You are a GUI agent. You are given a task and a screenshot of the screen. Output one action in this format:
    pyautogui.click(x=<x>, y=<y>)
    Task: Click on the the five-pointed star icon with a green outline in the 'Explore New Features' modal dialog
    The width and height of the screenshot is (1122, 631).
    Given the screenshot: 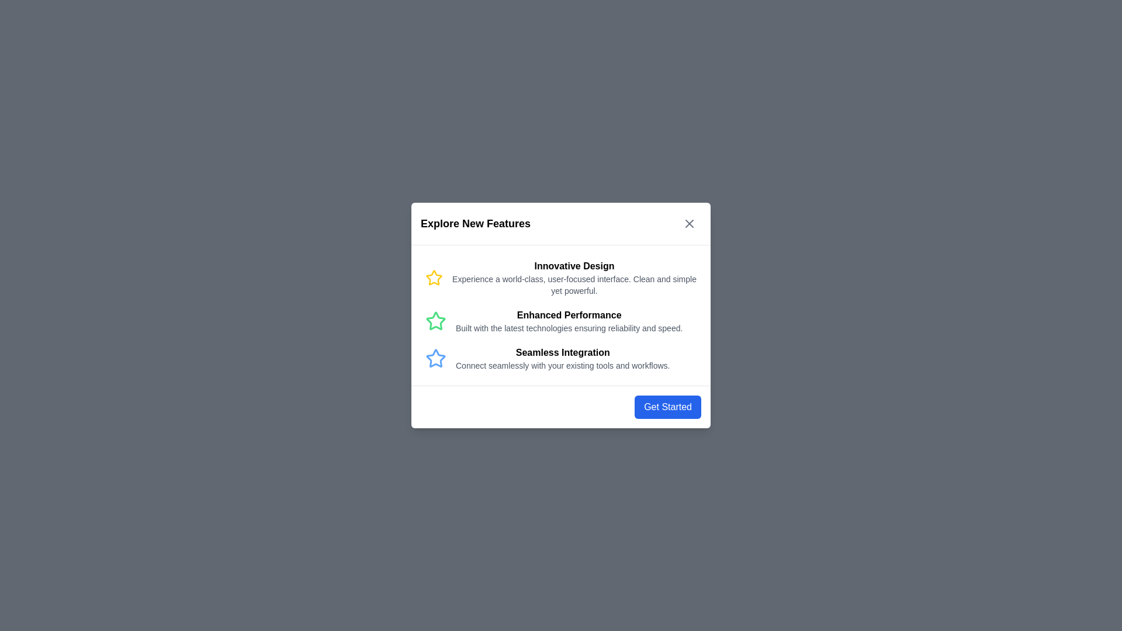 What is the action you would take?
    pyautogui.click(x=435, y=321)
    